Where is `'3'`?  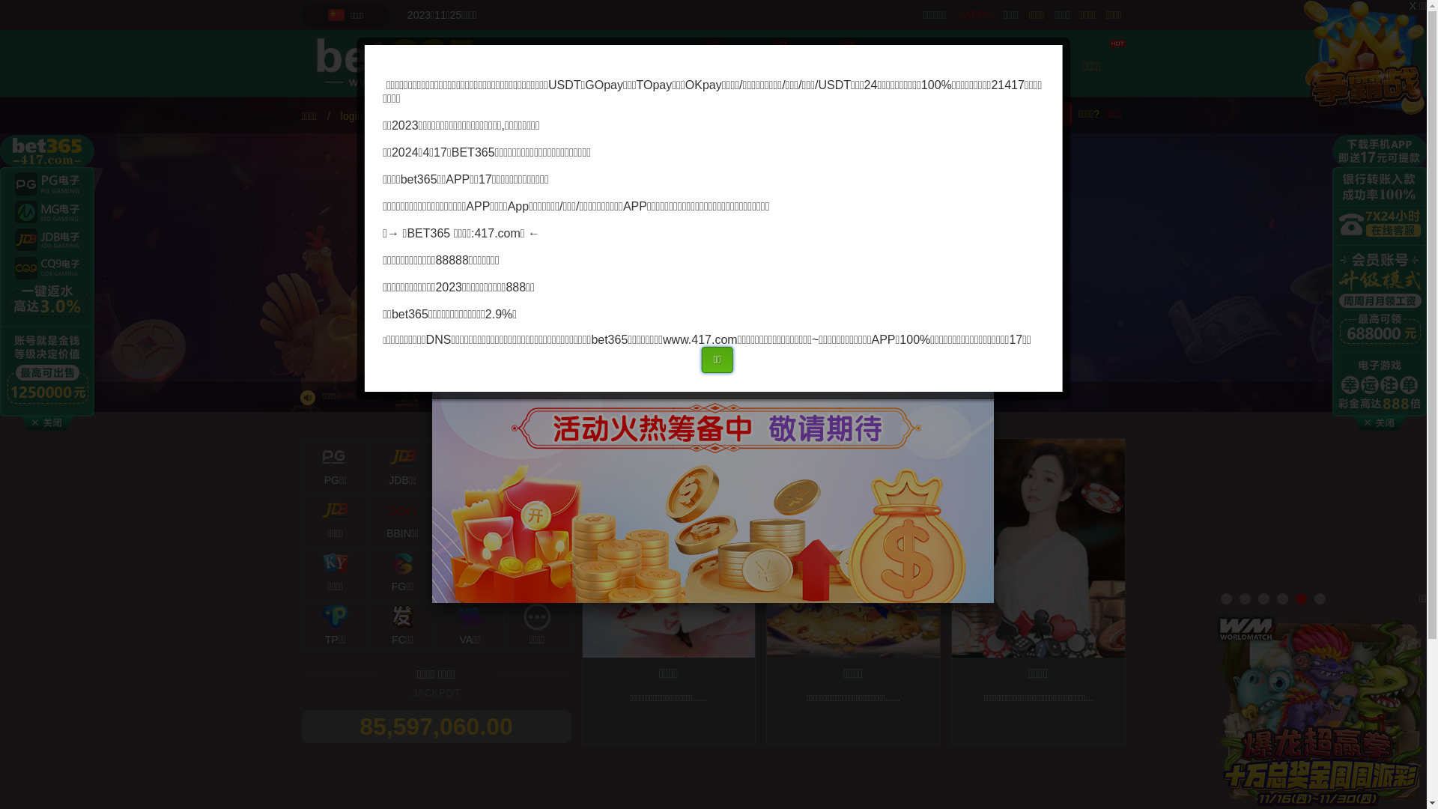 '3' is located at coordinates (1258, 598).